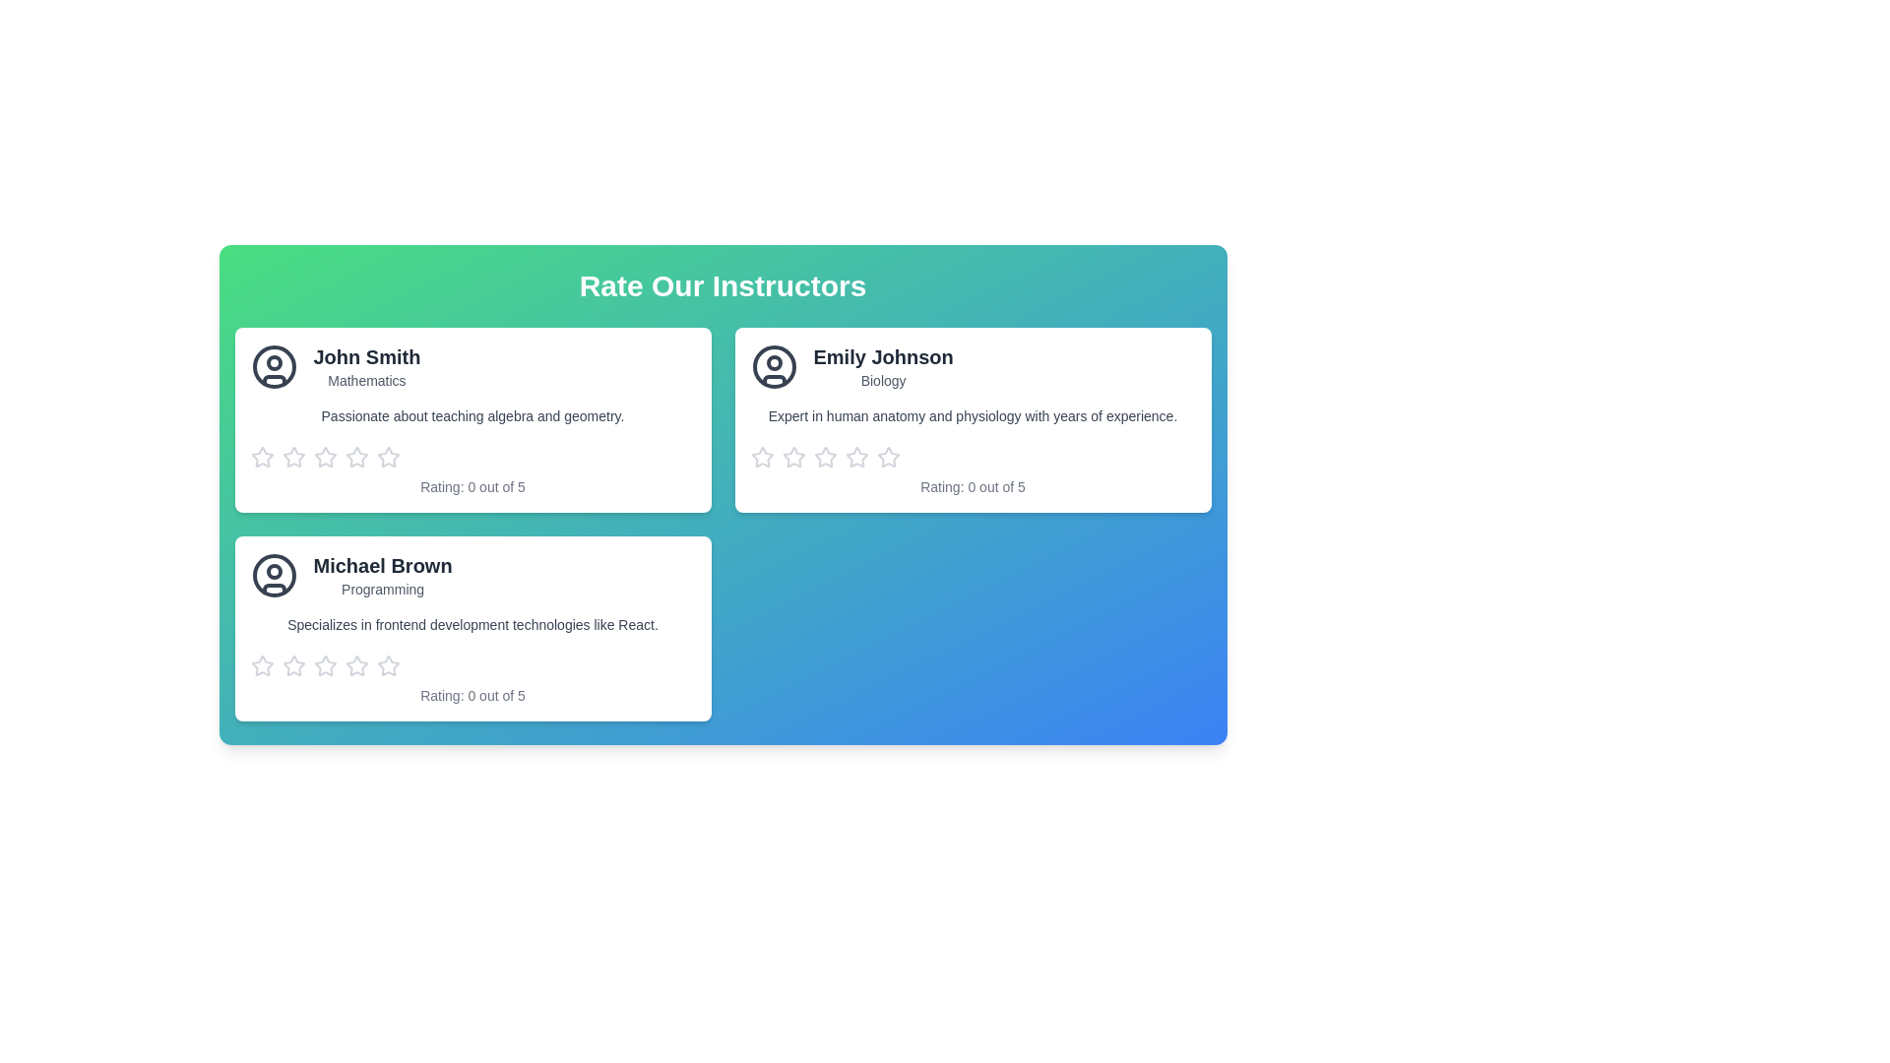  I want to click on the second star icon in the rating row, so click(388, 457).